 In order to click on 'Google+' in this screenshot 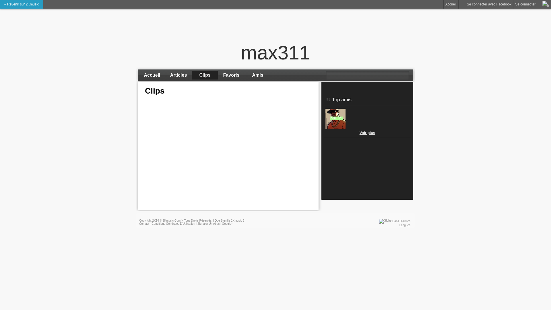, I will do `click(221, 223)`.